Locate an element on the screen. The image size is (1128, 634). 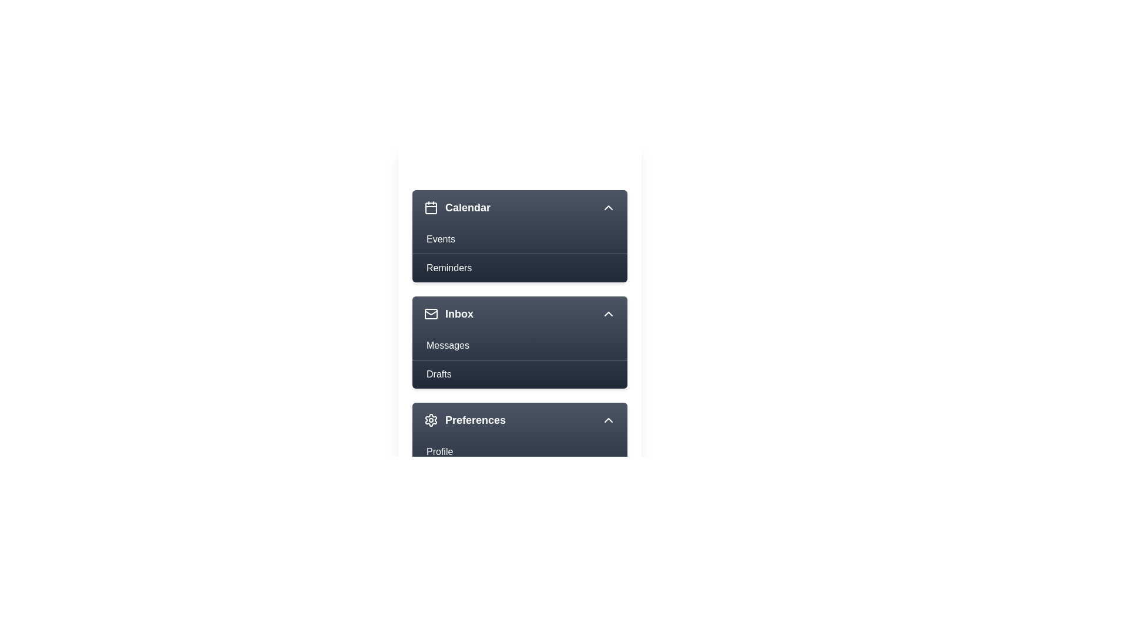
the menu item Reminders from the section Calendar is located at coordinates (519, 267).